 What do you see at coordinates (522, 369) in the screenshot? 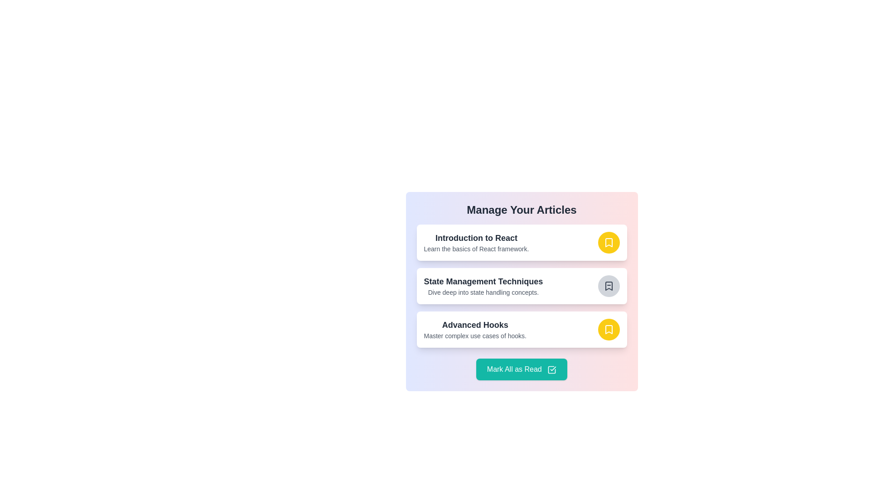
I see `'Mark All as Read' button to mark all articles as read` at bounding box center [522, 369].